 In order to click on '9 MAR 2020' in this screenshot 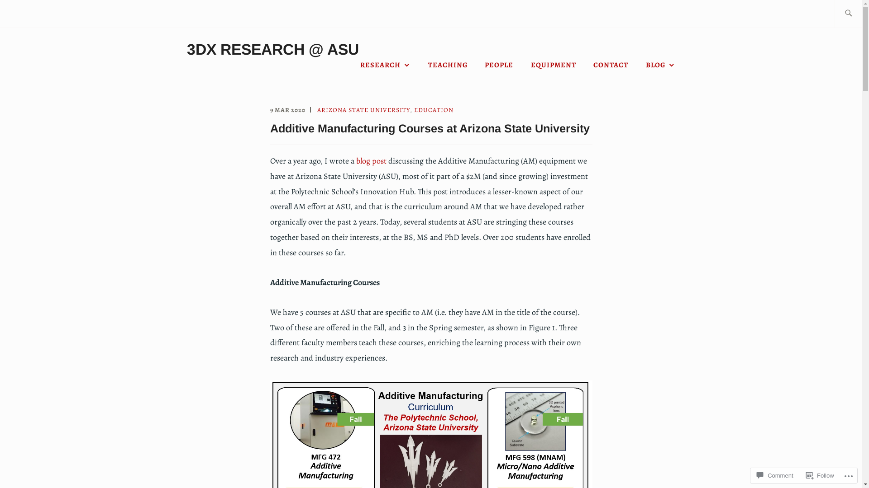, I will do `click(286, 109)`.